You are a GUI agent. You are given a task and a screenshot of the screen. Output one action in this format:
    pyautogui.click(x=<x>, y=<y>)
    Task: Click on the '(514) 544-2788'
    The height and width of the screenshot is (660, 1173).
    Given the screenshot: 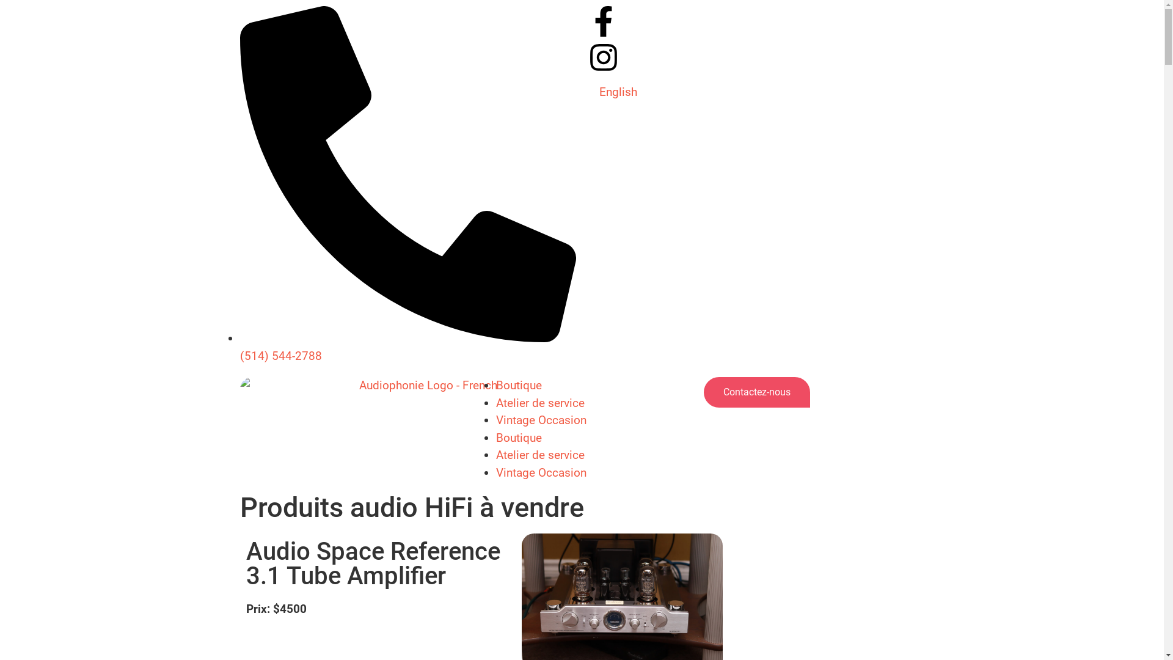 What is the action you would take?
    pyautogui.click(x=407, y=346)
    